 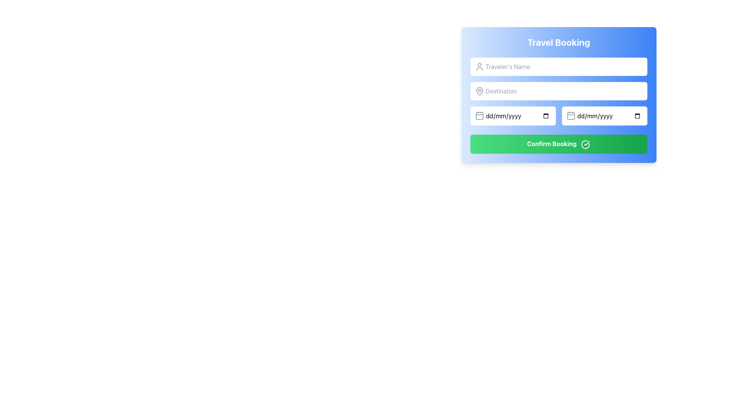 I want to click on the calendar icon located to the left of the second date input field in the form, so click(x=571, y=116).